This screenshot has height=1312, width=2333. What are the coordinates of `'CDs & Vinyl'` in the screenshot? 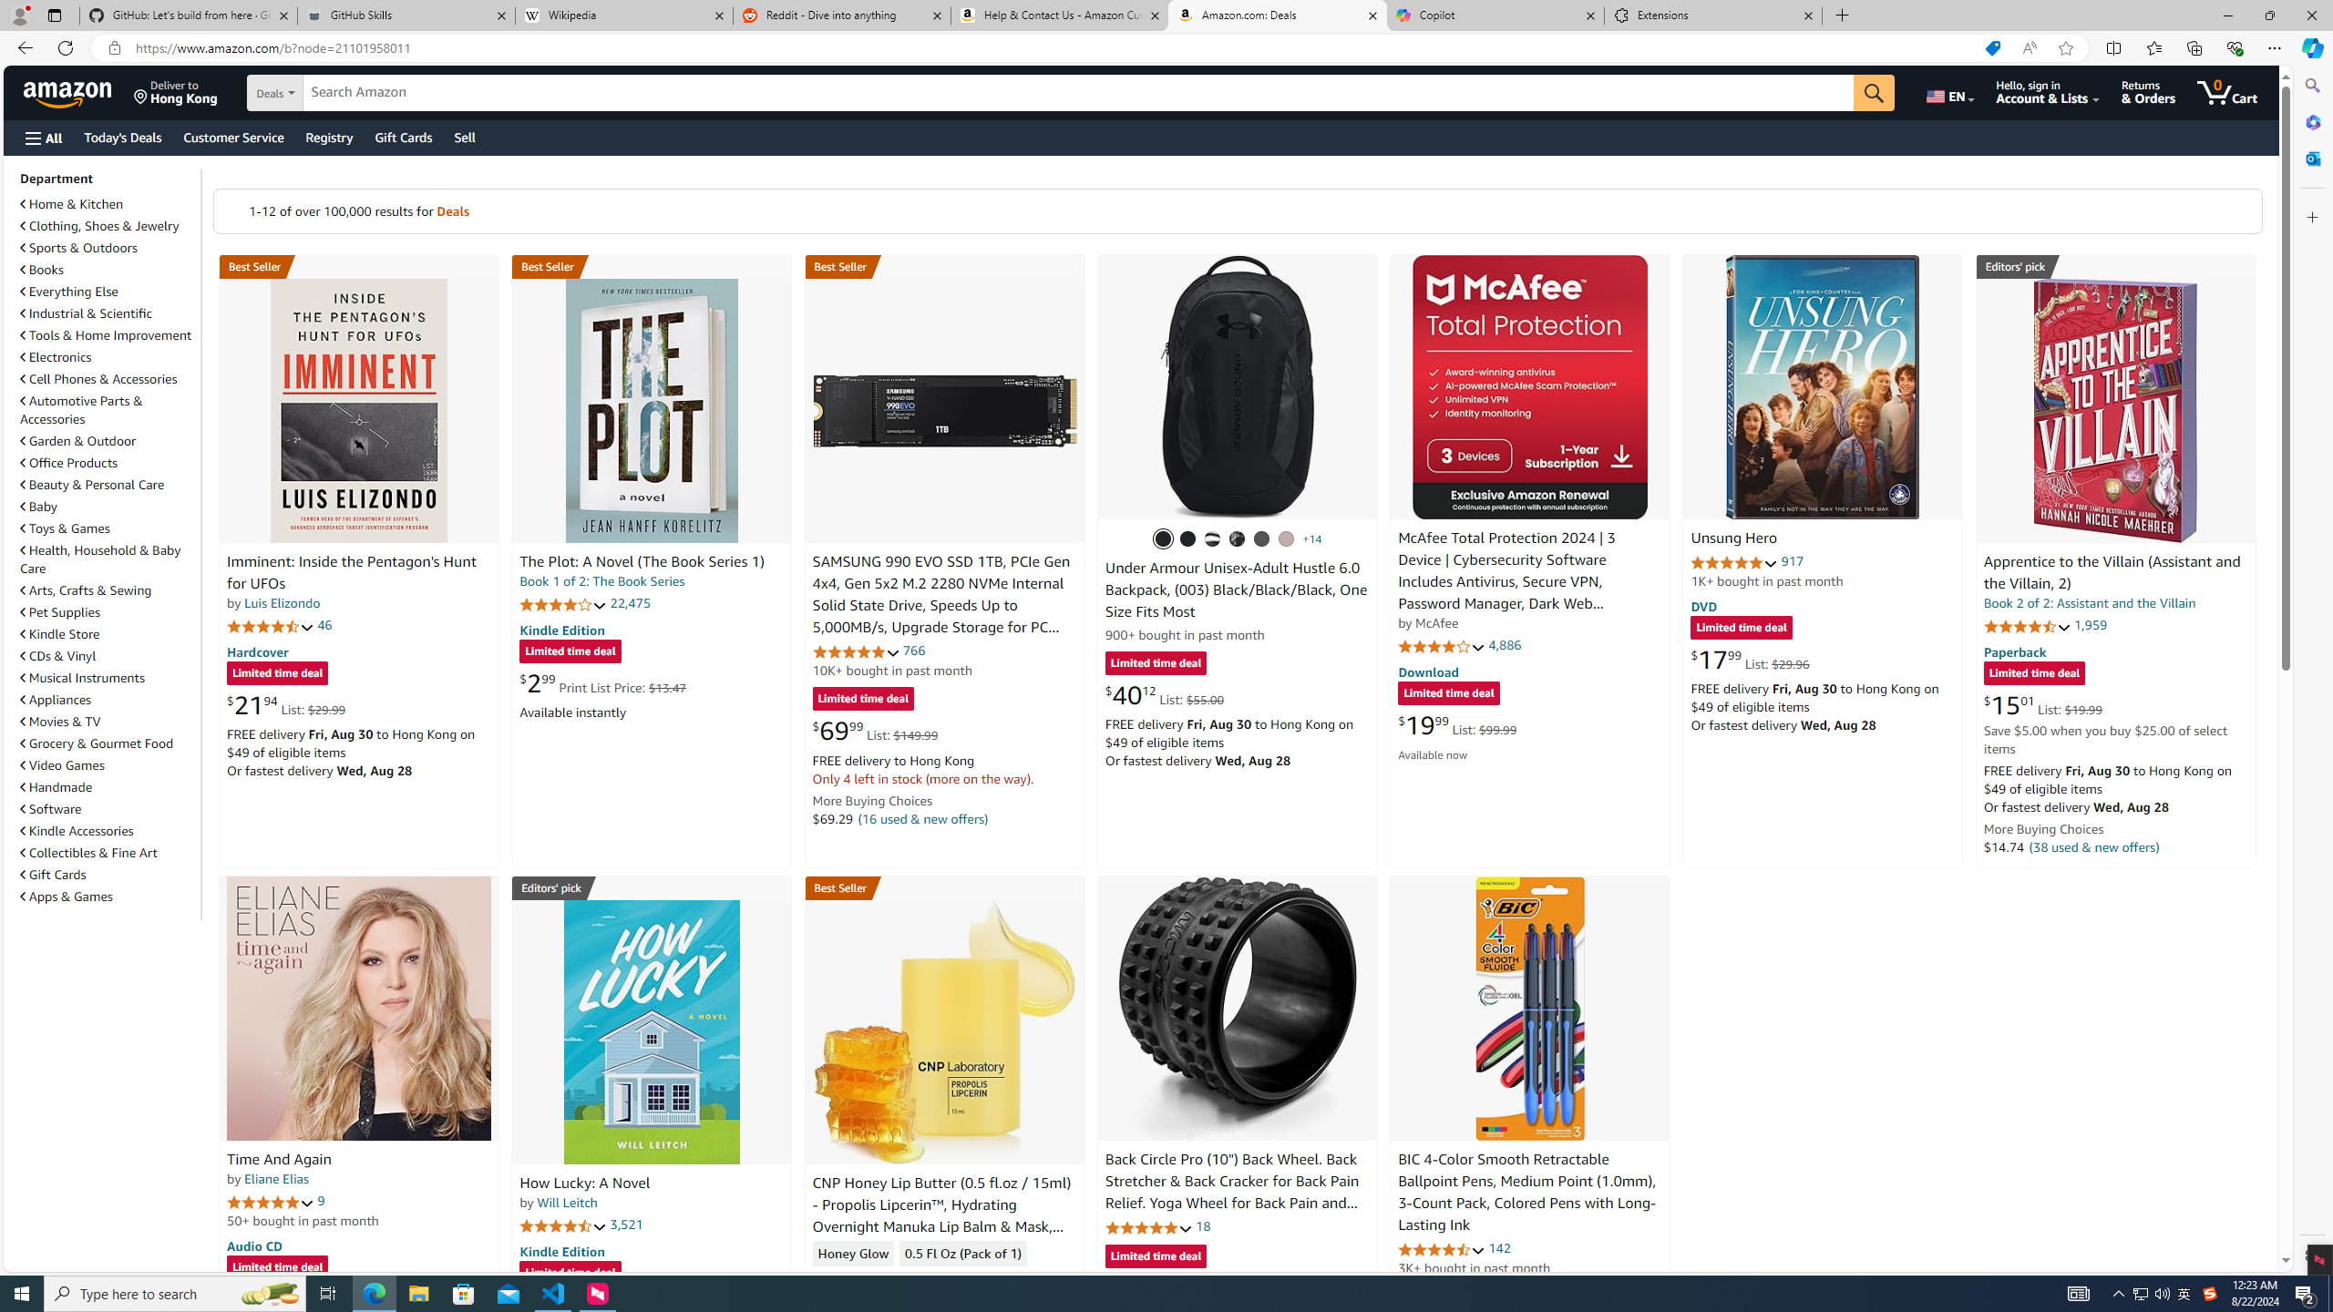 It's located at (108, 656).